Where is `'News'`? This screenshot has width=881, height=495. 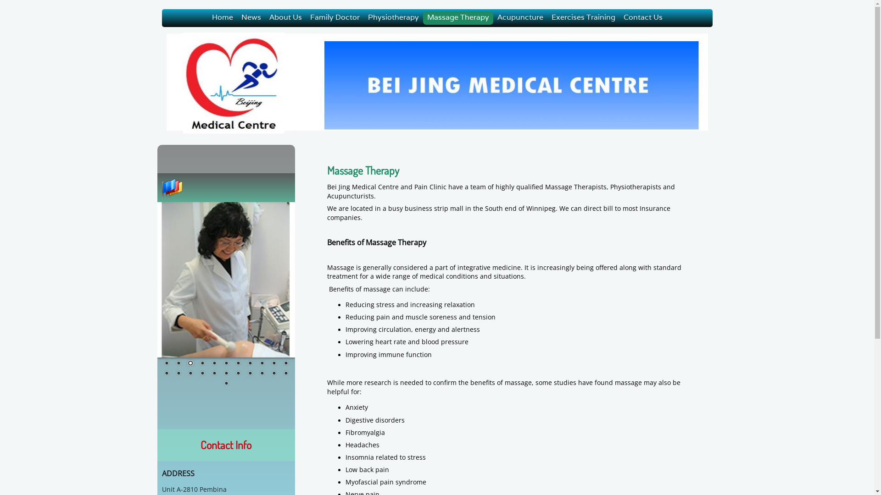
'News' is located at coordinates (236, 18).